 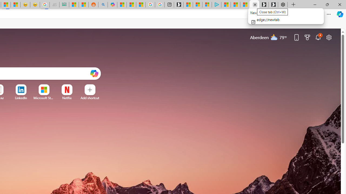 I want to click on 'Utah sues federal government - Search', so click(x=103, y=5).